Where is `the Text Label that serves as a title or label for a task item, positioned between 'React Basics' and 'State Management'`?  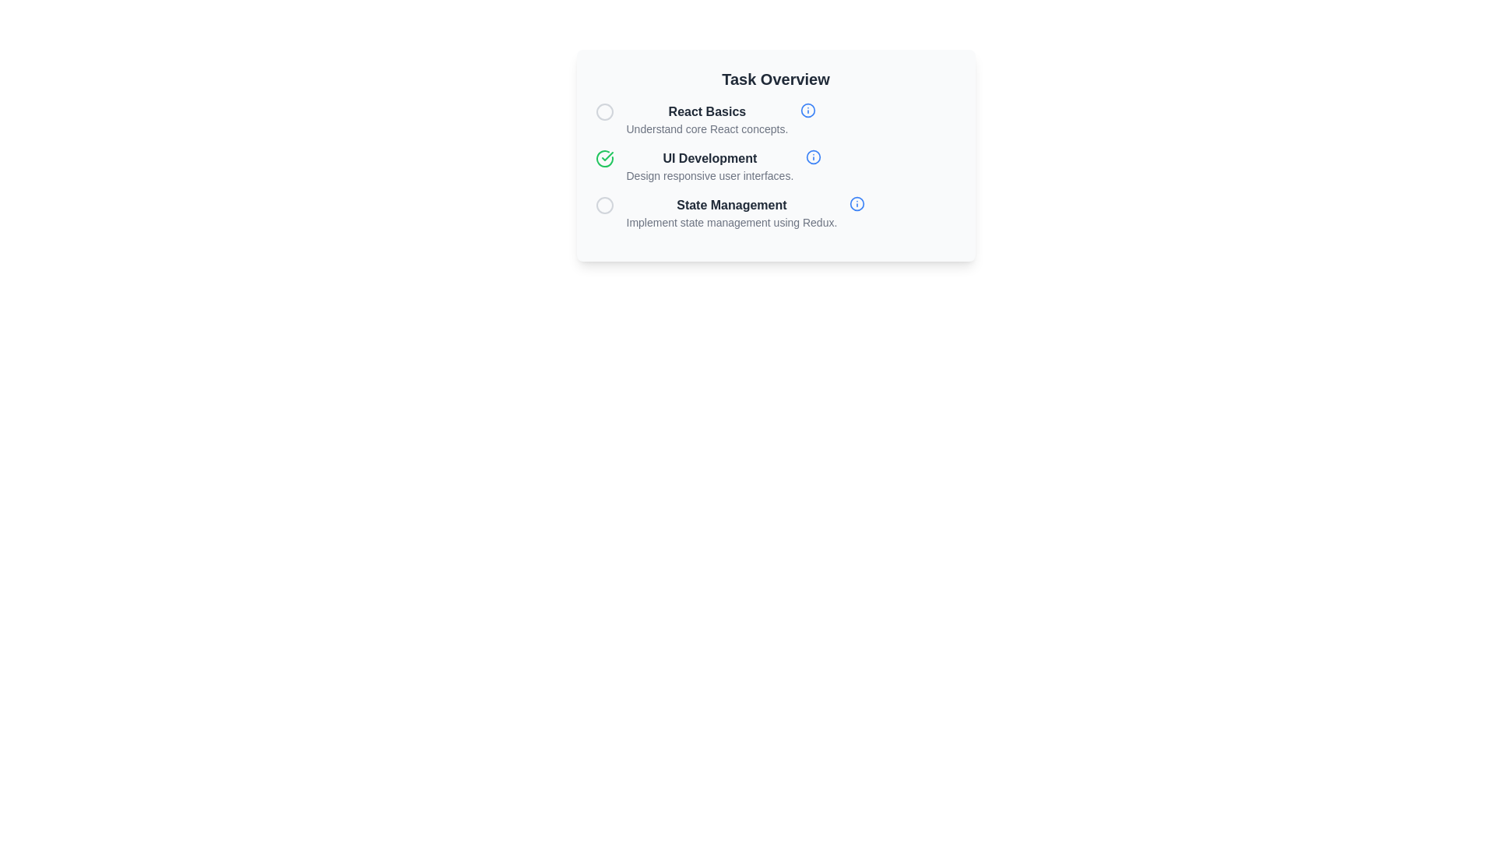
the Text Label that serves as a title or label for a task item, positioned between 'React Basics' and 'State Management' is located at coordinates (709, 159).